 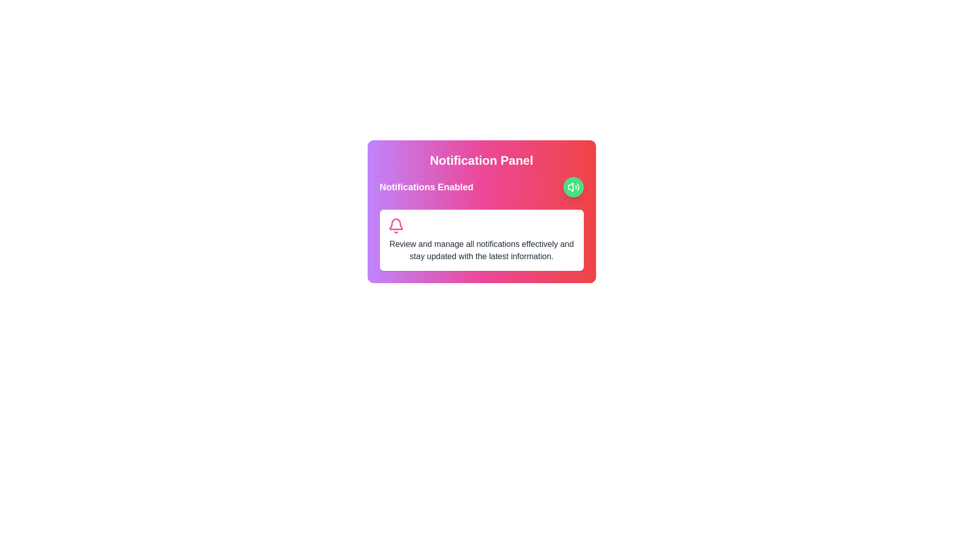 I want to click on the notification icon located at the top-left corner of the notification panel, which symbolizes alerts or updates, so click(x=395, y=226).